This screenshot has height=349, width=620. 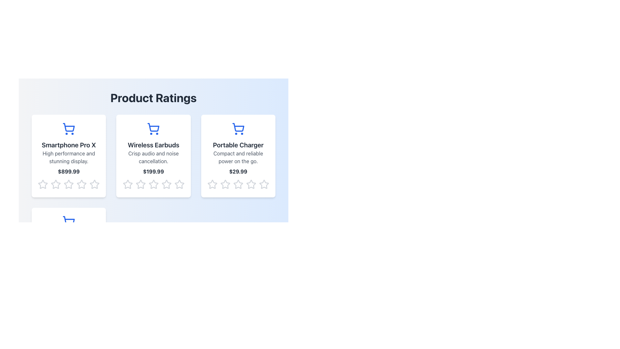 I want to click on the fifth star in the rating section under the 'Portable Charger' card, so click(x=94, y=277).